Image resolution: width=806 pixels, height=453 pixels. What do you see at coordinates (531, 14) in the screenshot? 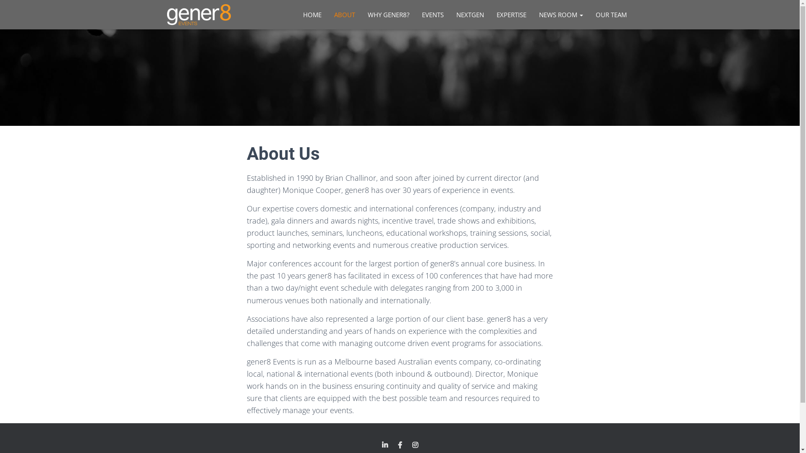
I see `'NEWS ROOM'` at bounding box center [531, 14].